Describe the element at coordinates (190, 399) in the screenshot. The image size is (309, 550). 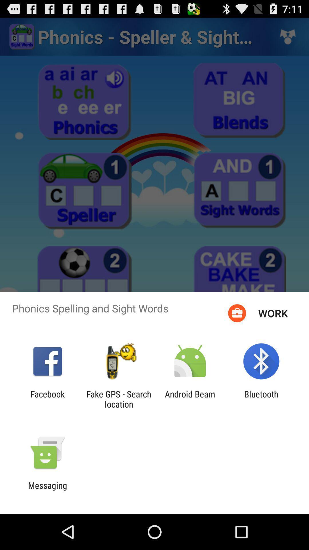
I see `android beam` at that location.